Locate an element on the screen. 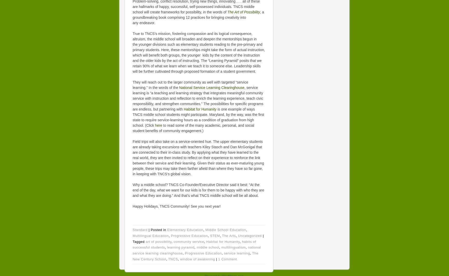  'STEM' is located at coordinates (215, 235).